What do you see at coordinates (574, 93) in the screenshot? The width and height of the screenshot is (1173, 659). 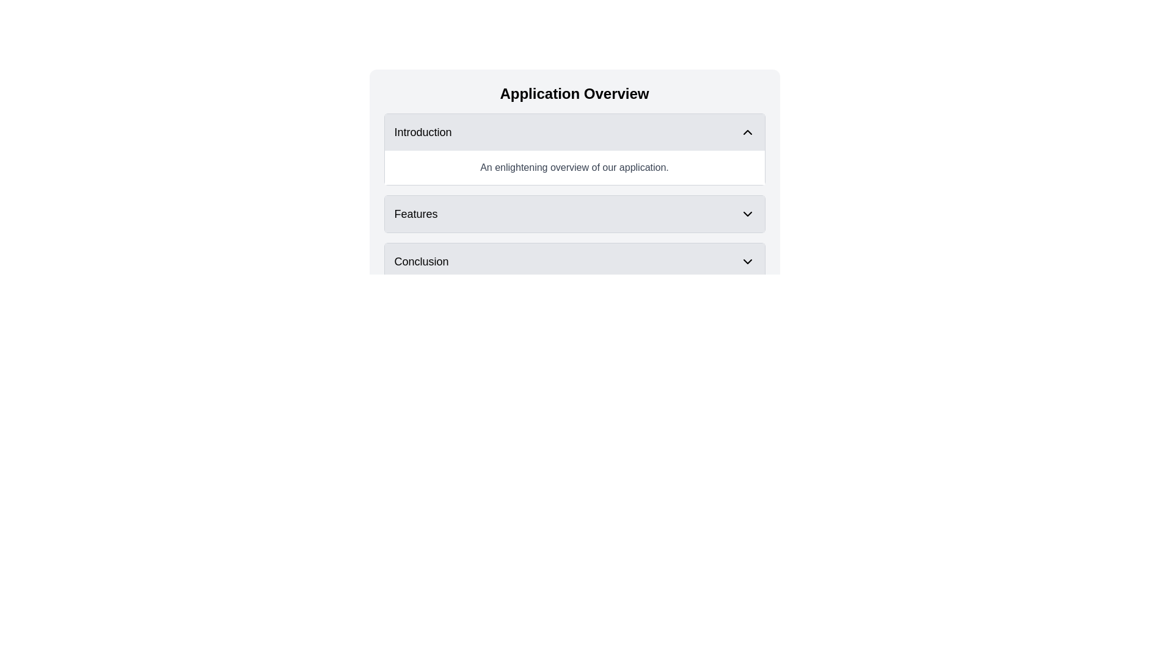 I see `the Text (Heading) element that serves as a title for the section, providing context about the contents below` at bounding box center [574, 93].